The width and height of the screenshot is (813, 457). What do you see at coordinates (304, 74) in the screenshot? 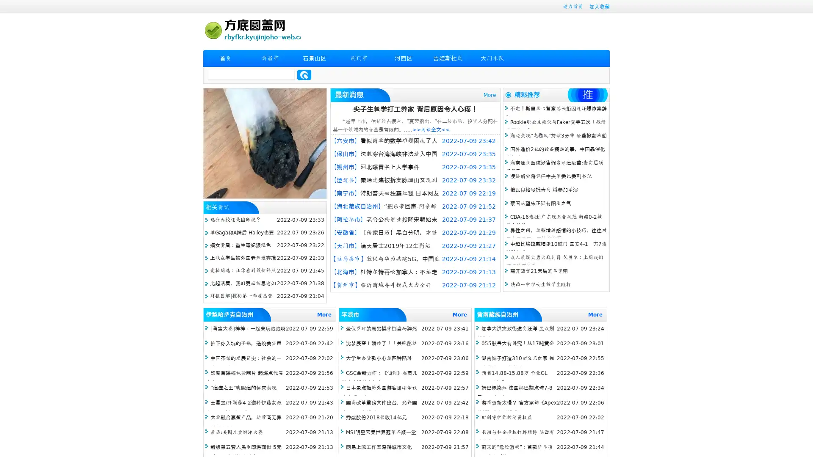
I see `Search` at bounding box center [304, 74].